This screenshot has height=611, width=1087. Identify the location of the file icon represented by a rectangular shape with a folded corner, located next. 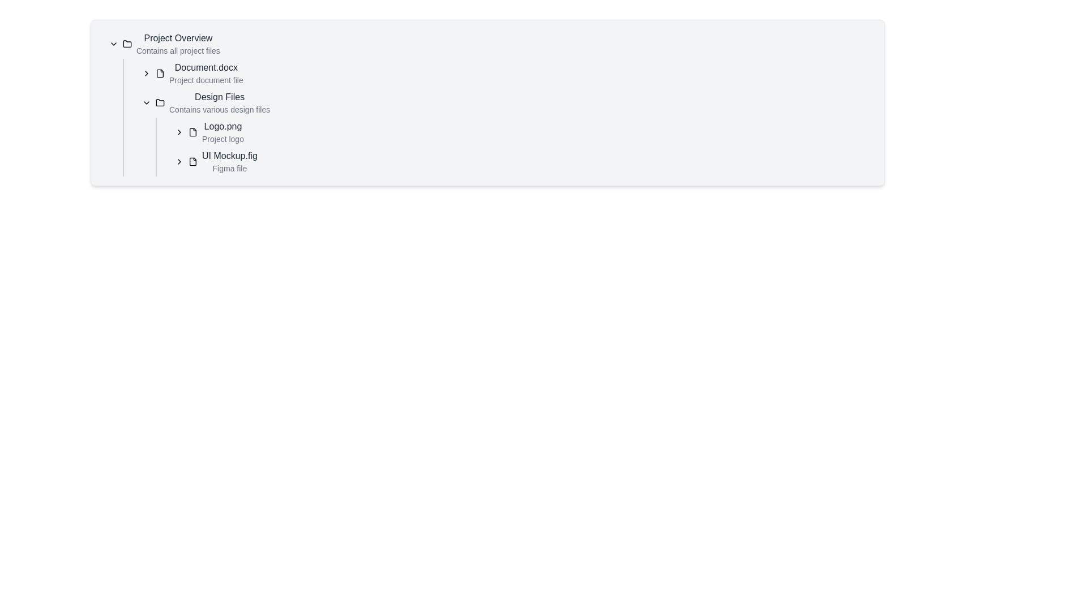
(160, 74).